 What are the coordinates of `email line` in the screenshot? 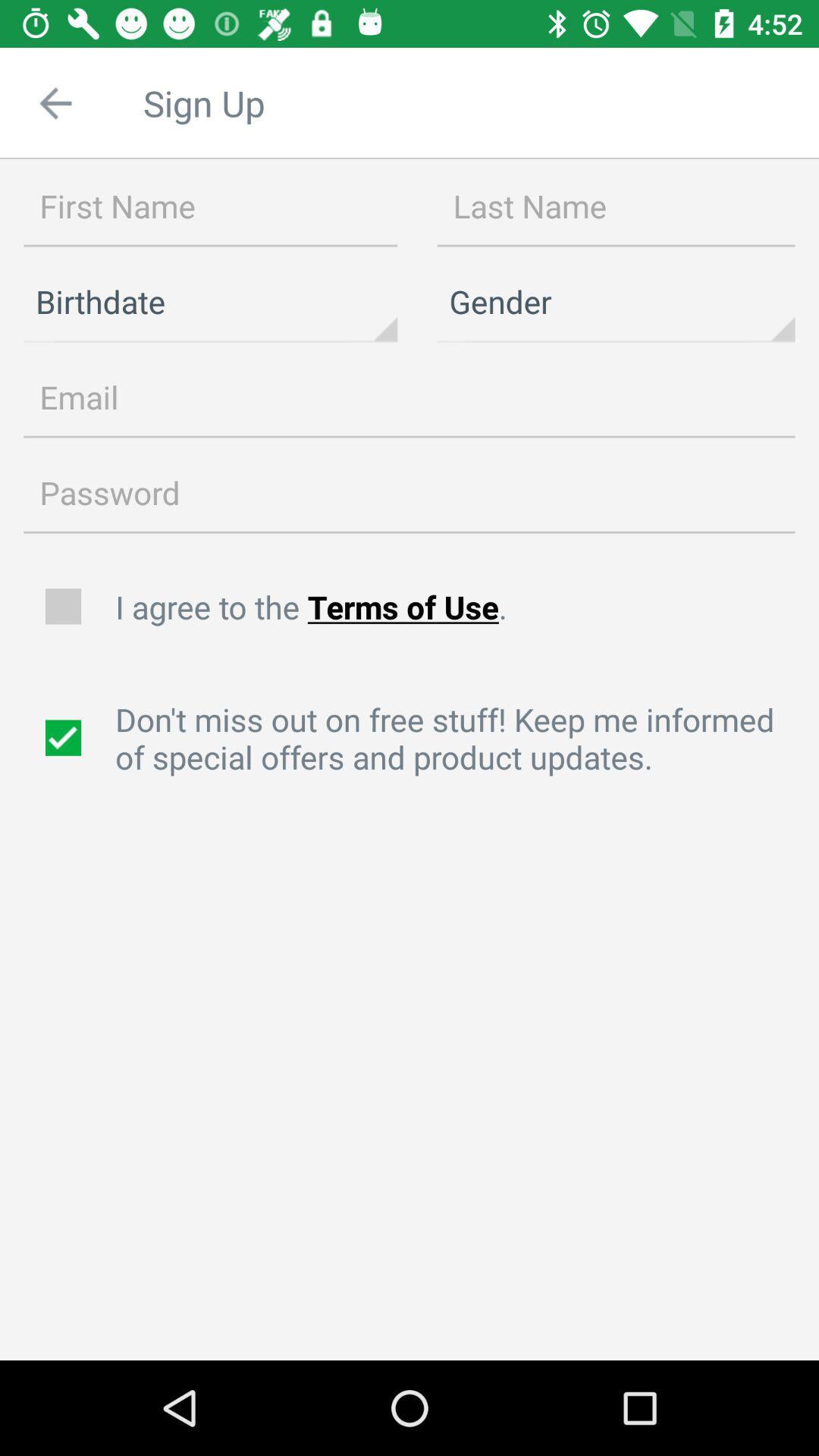 It's located at (409, 397).